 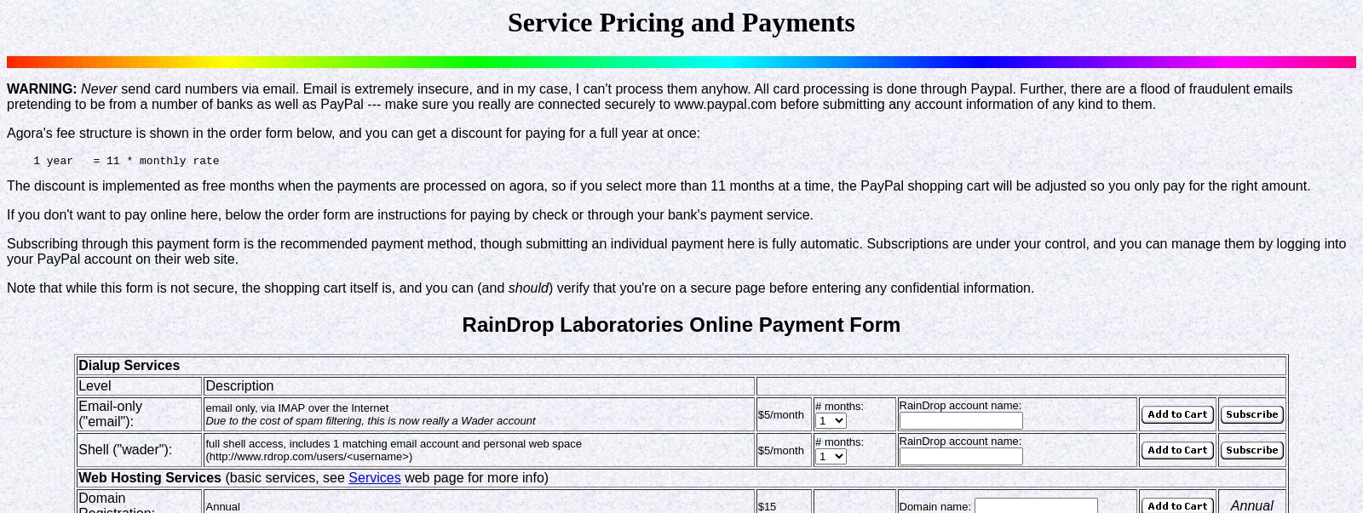 What do you see at coordinates (148, 477) in the screenshot?
I see `'Web Hosting Services'` at bounding box center [148, 477].